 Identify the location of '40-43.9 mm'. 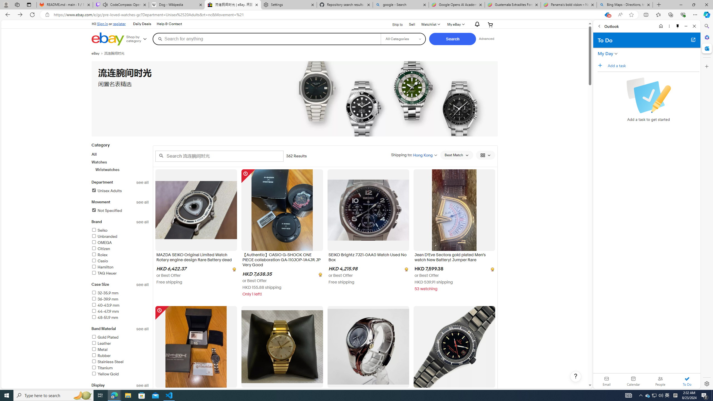
(105, 305).